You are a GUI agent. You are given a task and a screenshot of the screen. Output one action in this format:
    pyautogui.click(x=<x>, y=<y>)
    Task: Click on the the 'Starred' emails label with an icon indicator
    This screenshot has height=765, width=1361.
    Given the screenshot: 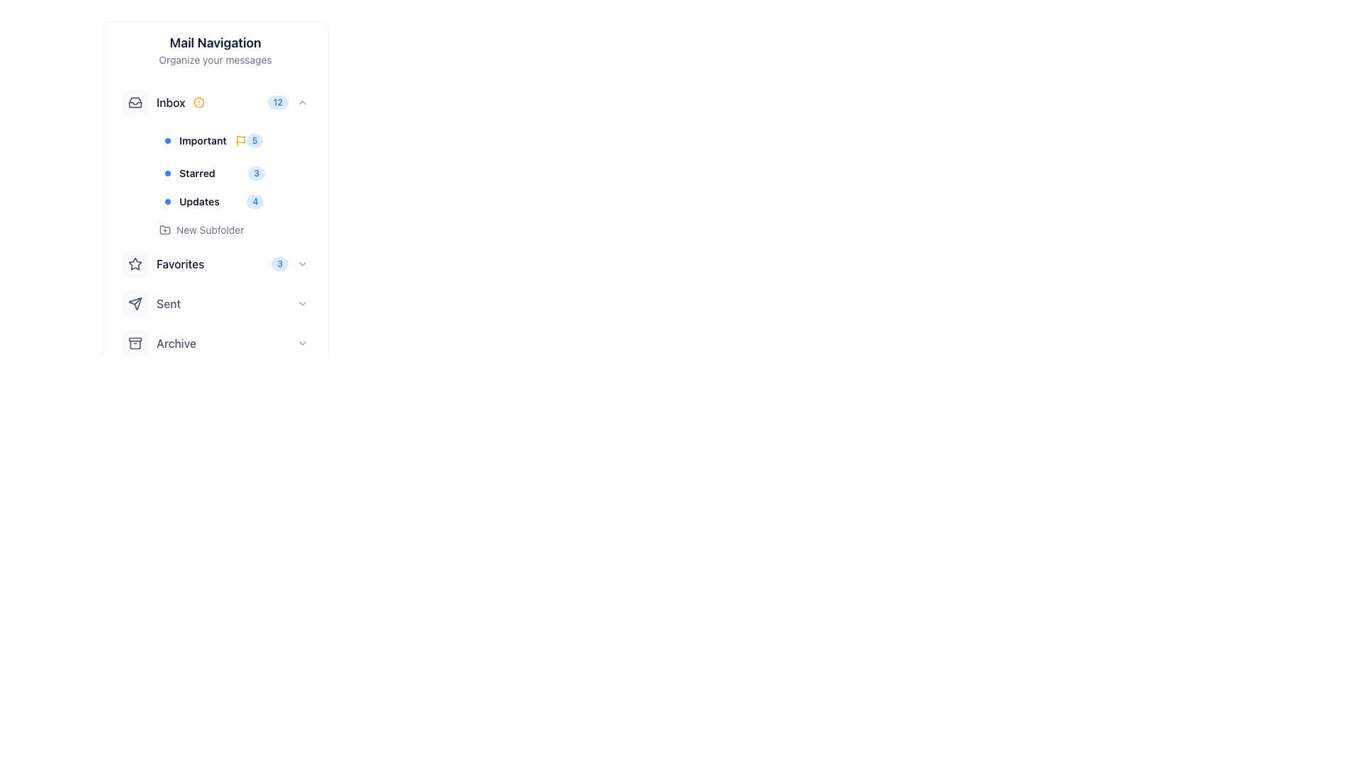 What is the action you would take?
    pyautogui.click(x=189, y=173)
    